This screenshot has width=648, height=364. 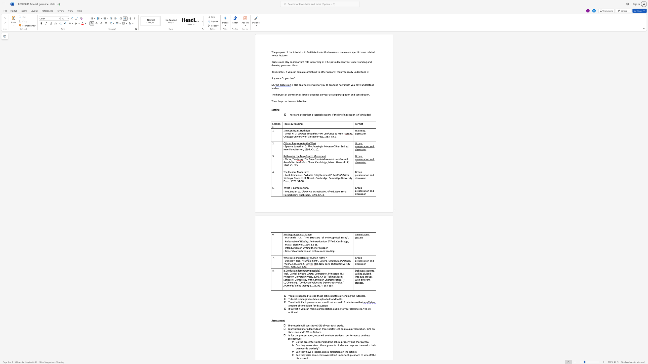 I want to click on the subset text "6. 601-620" within the text ". New York: Oxford University Press, 2006. 601-620.", so click(x=295, y=267).